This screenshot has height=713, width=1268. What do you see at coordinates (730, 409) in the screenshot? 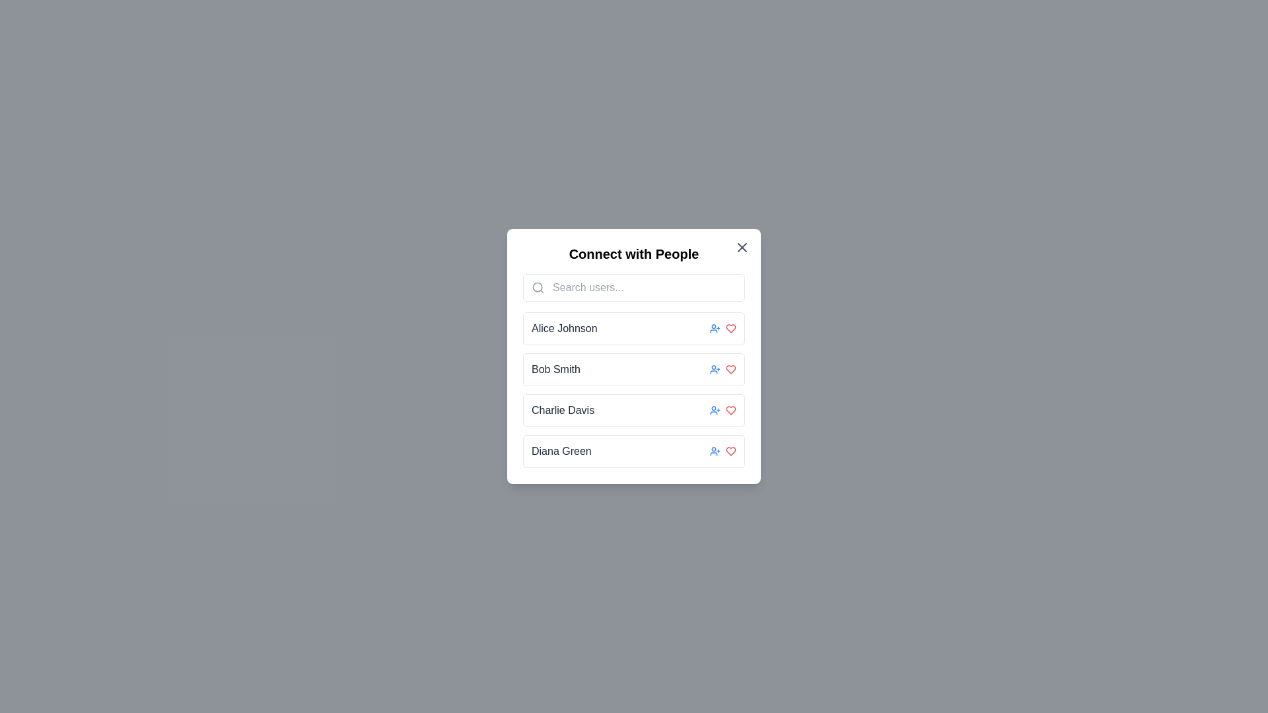
I see `the heart icon button located at the far-right side of the row corresponding to 'Charlie Davis'` at bounding box center [730, 409].